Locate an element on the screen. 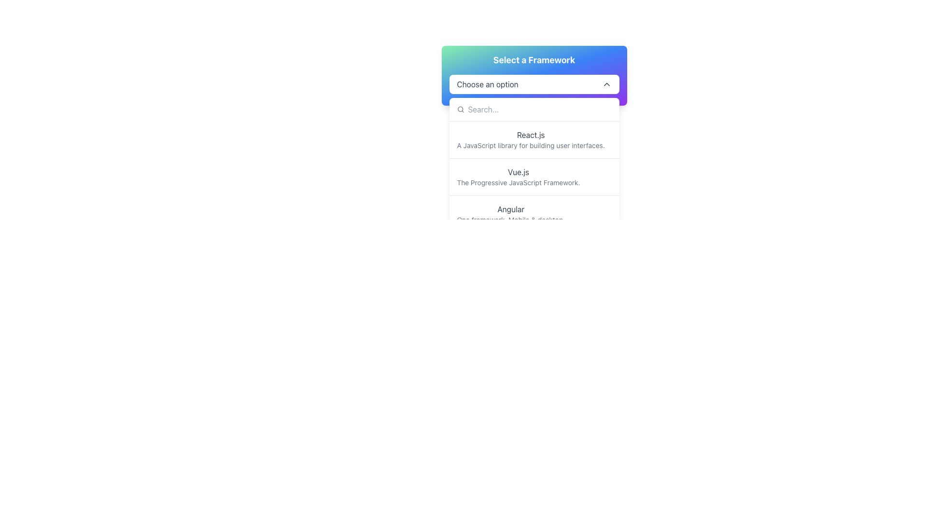 The image size is (927, 521). the drop-down menu trigger labeled 'Choose an option' is located at coordinates (534, 83).